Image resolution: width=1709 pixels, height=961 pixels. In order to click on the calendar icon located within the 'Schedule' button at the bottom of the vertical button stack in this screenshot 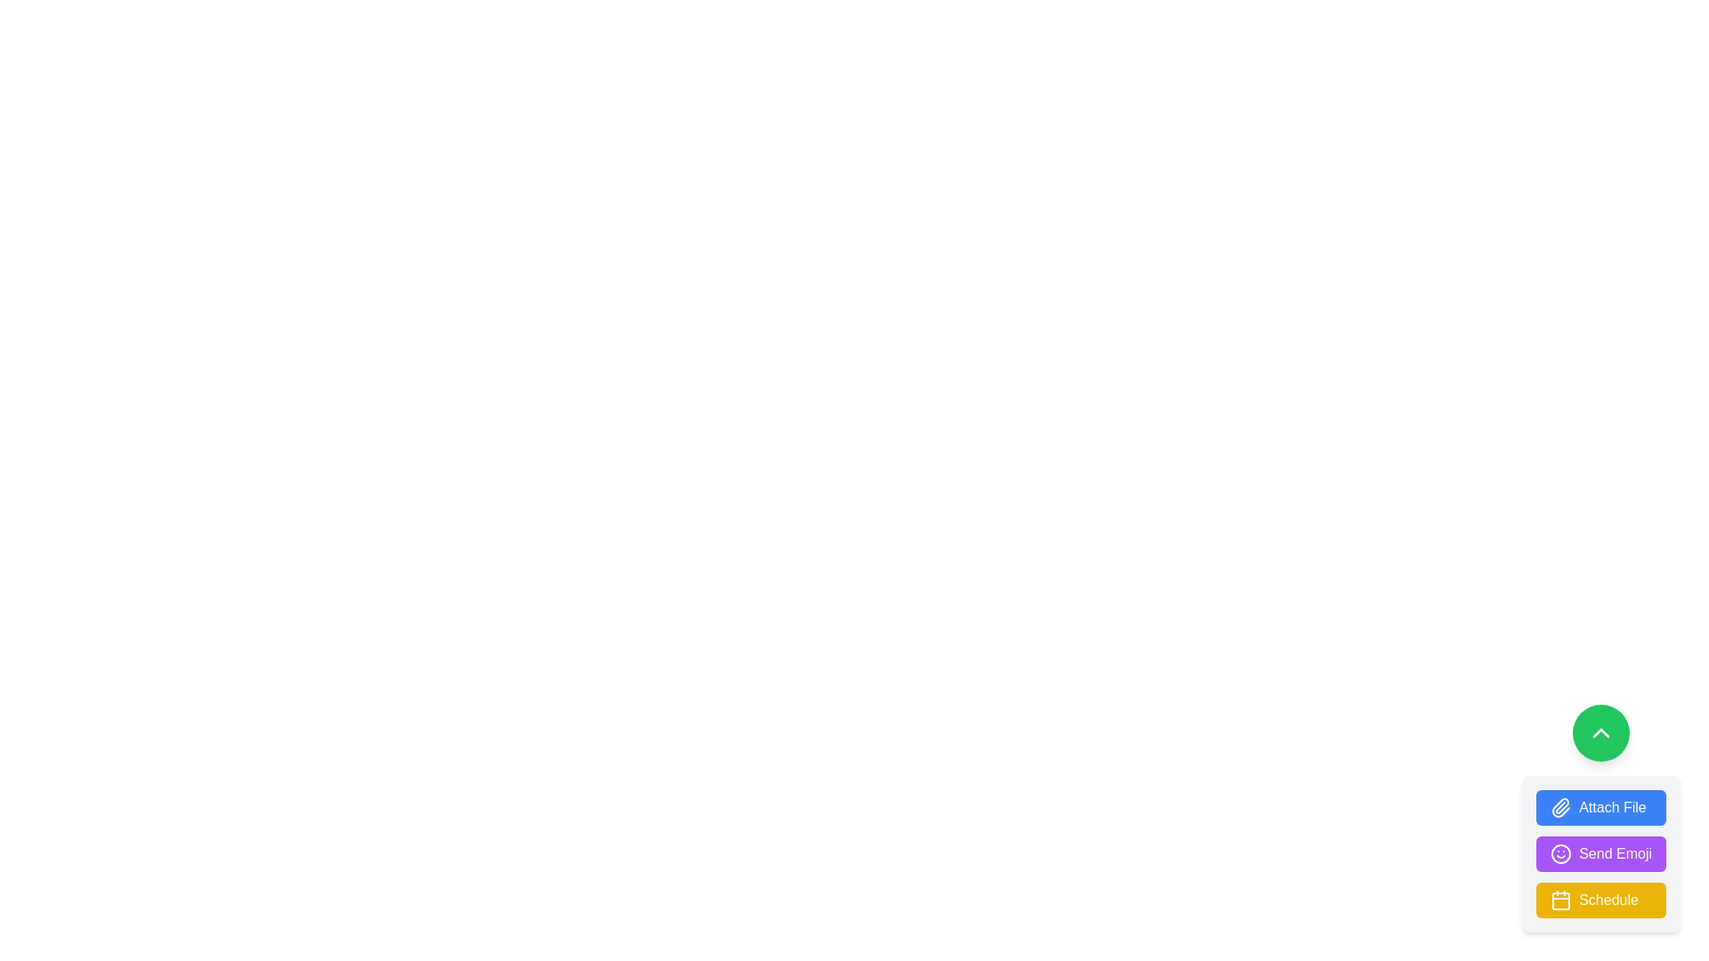, I will do `click(1560, 901)`.